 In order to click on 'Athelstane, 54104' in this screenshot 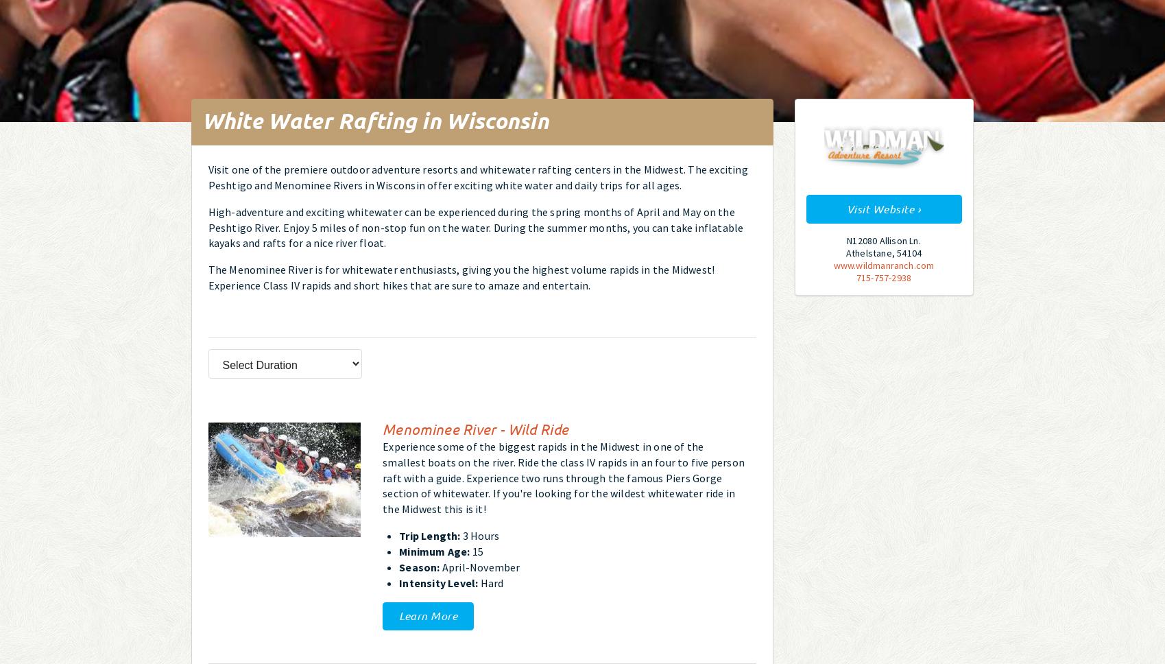, I will do `click(882, 252)`.